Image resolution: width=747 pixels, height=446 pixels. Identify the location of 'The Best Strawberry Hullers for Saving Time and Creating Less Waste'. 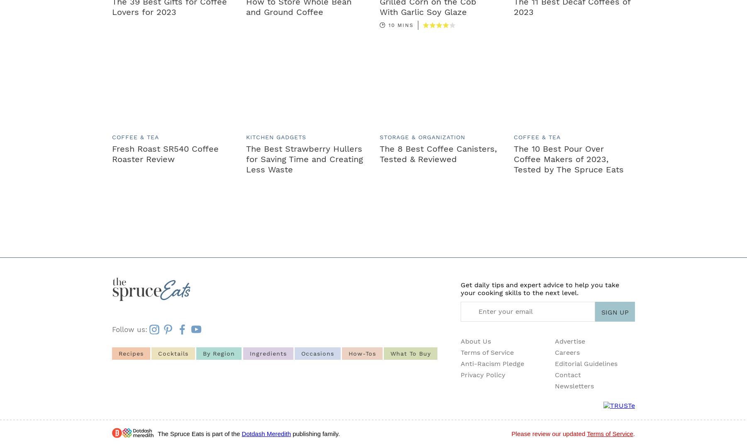
(303, 159).